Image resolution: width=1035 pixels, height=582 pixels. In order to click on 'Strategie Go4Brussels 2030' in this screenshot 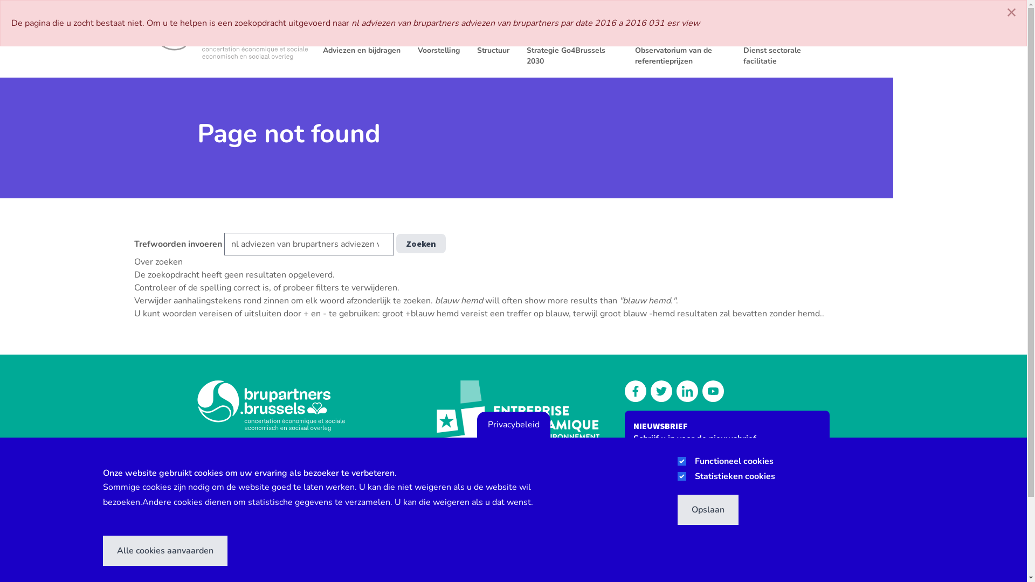, I will do `click(571, 54)`.